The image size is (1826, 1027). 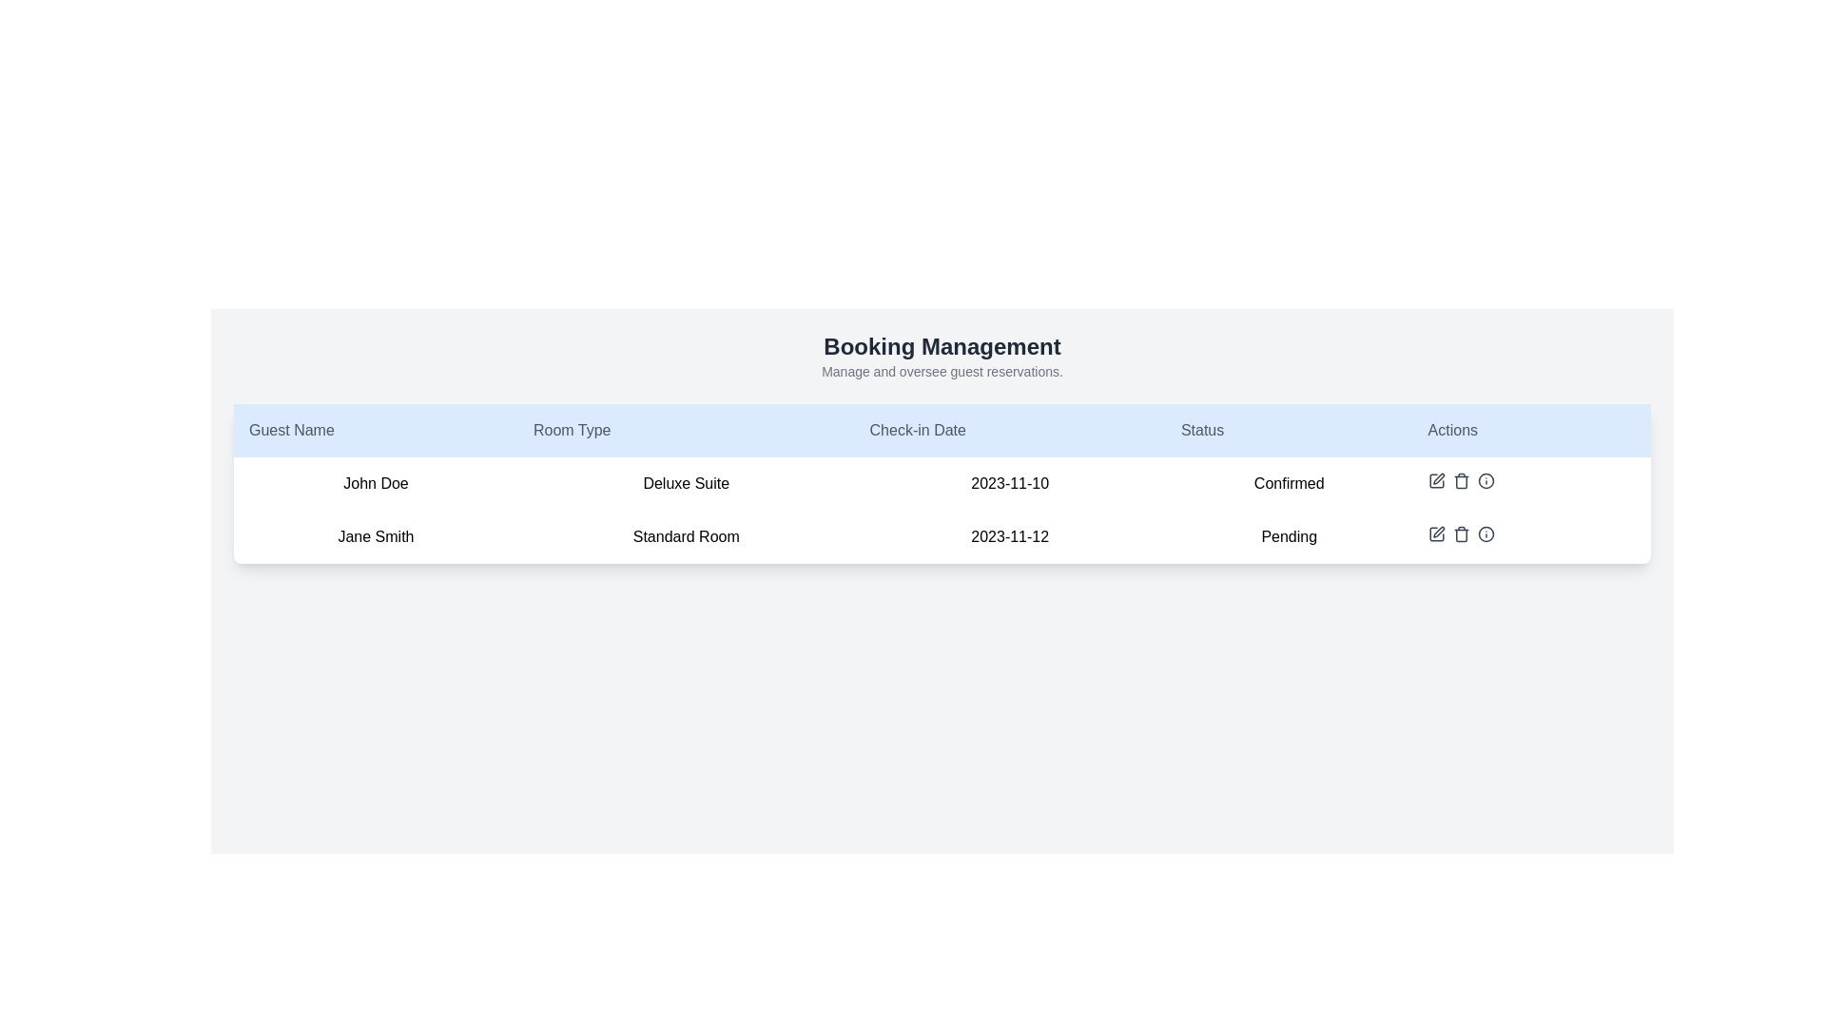 What do you see at coordinates (1485, 479) in the screenshot?
I see `the circular icon button with a gray outline and an information symbol ('i') in the 'Actions' column of the second row under the 'Booking Management' header to trigger the color change to green` at bounding box center [1485, 479].